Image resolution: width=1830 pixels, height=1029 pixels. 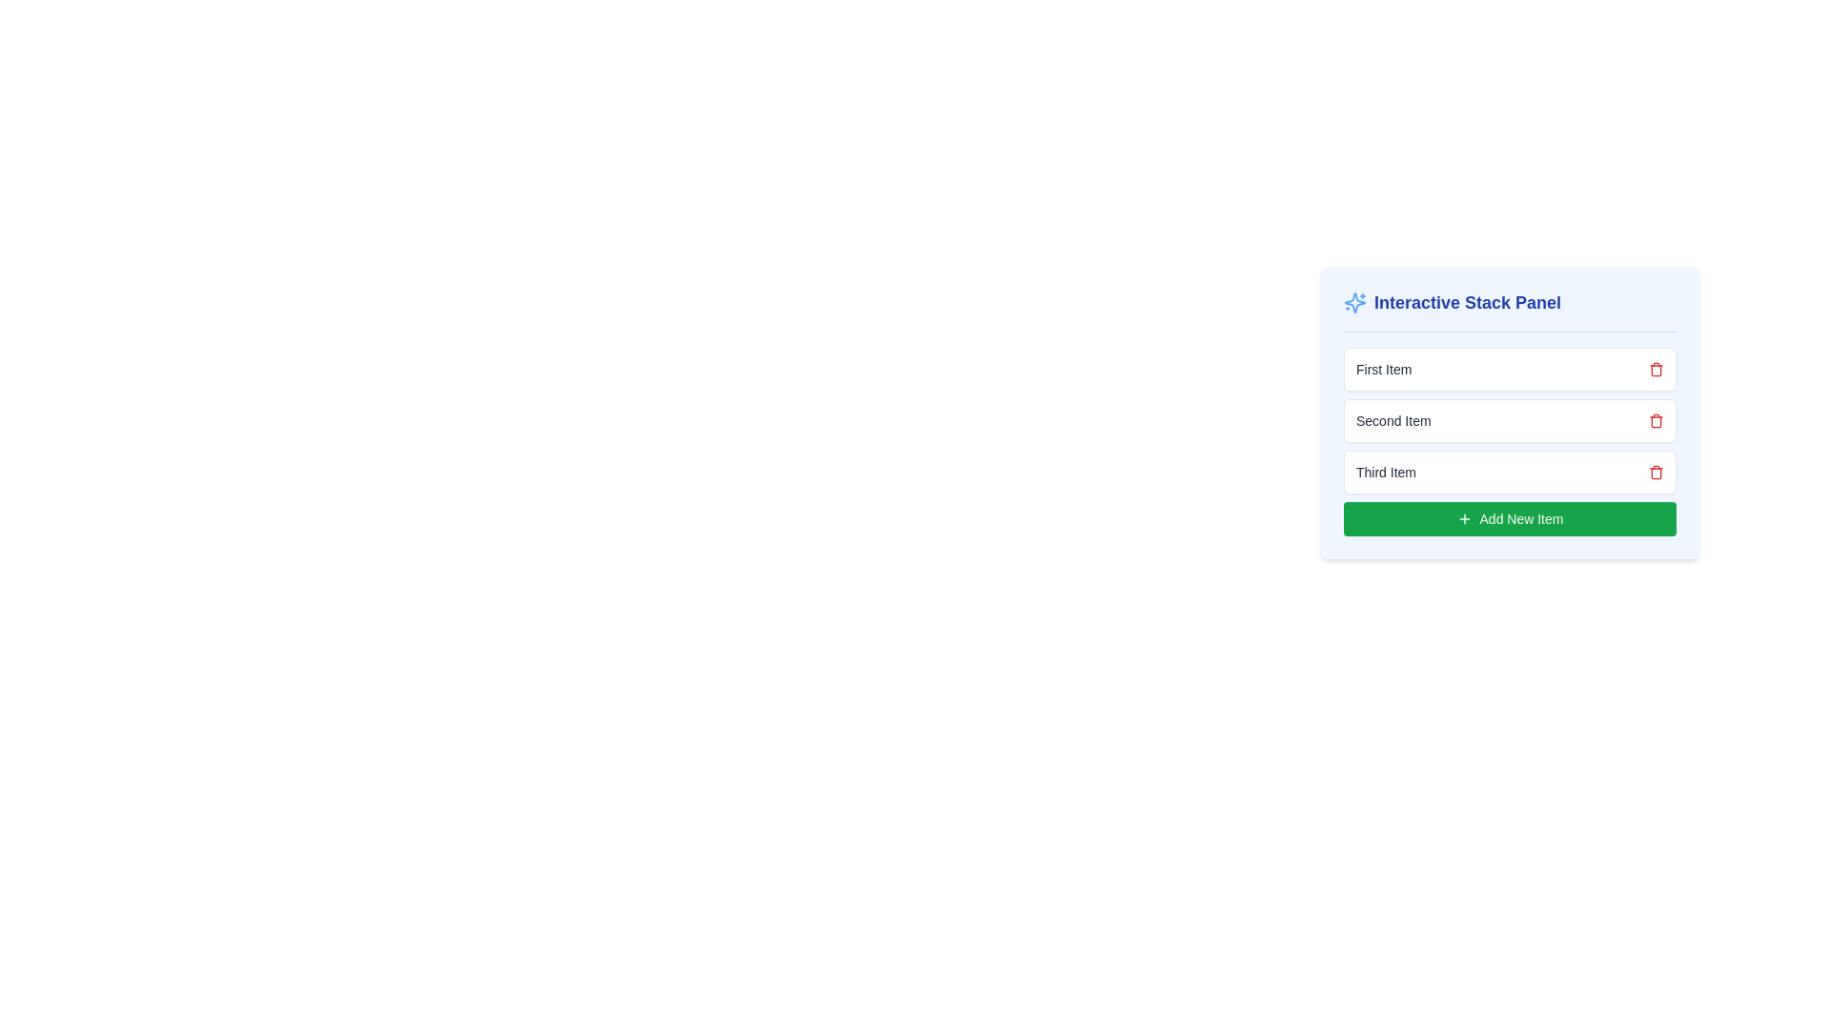 I want to click on the green 'plus' SVG icon located to the left of the 'Add New Item' button within the 'Interactive Stack Panel', so click(x=1463, y=518).